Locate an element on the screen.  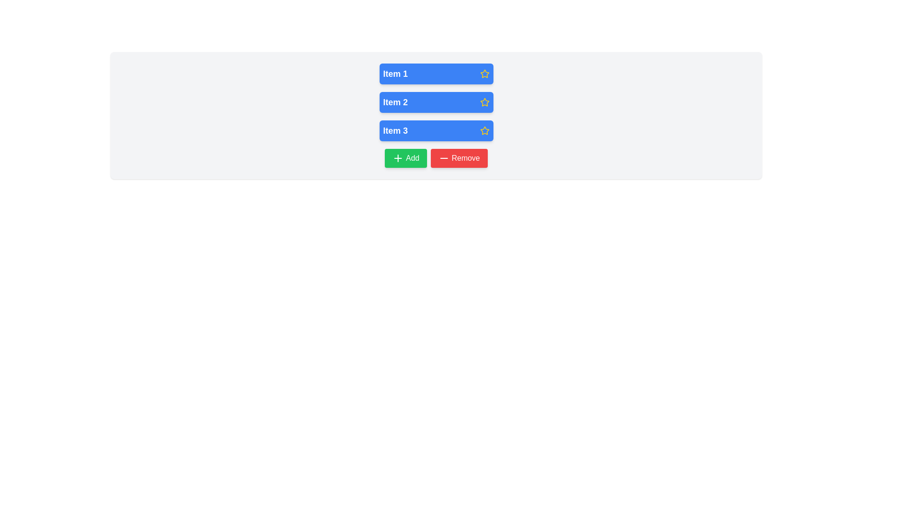
the yellow outlined star icon with a transparent center is located at coordinates (484, 131).